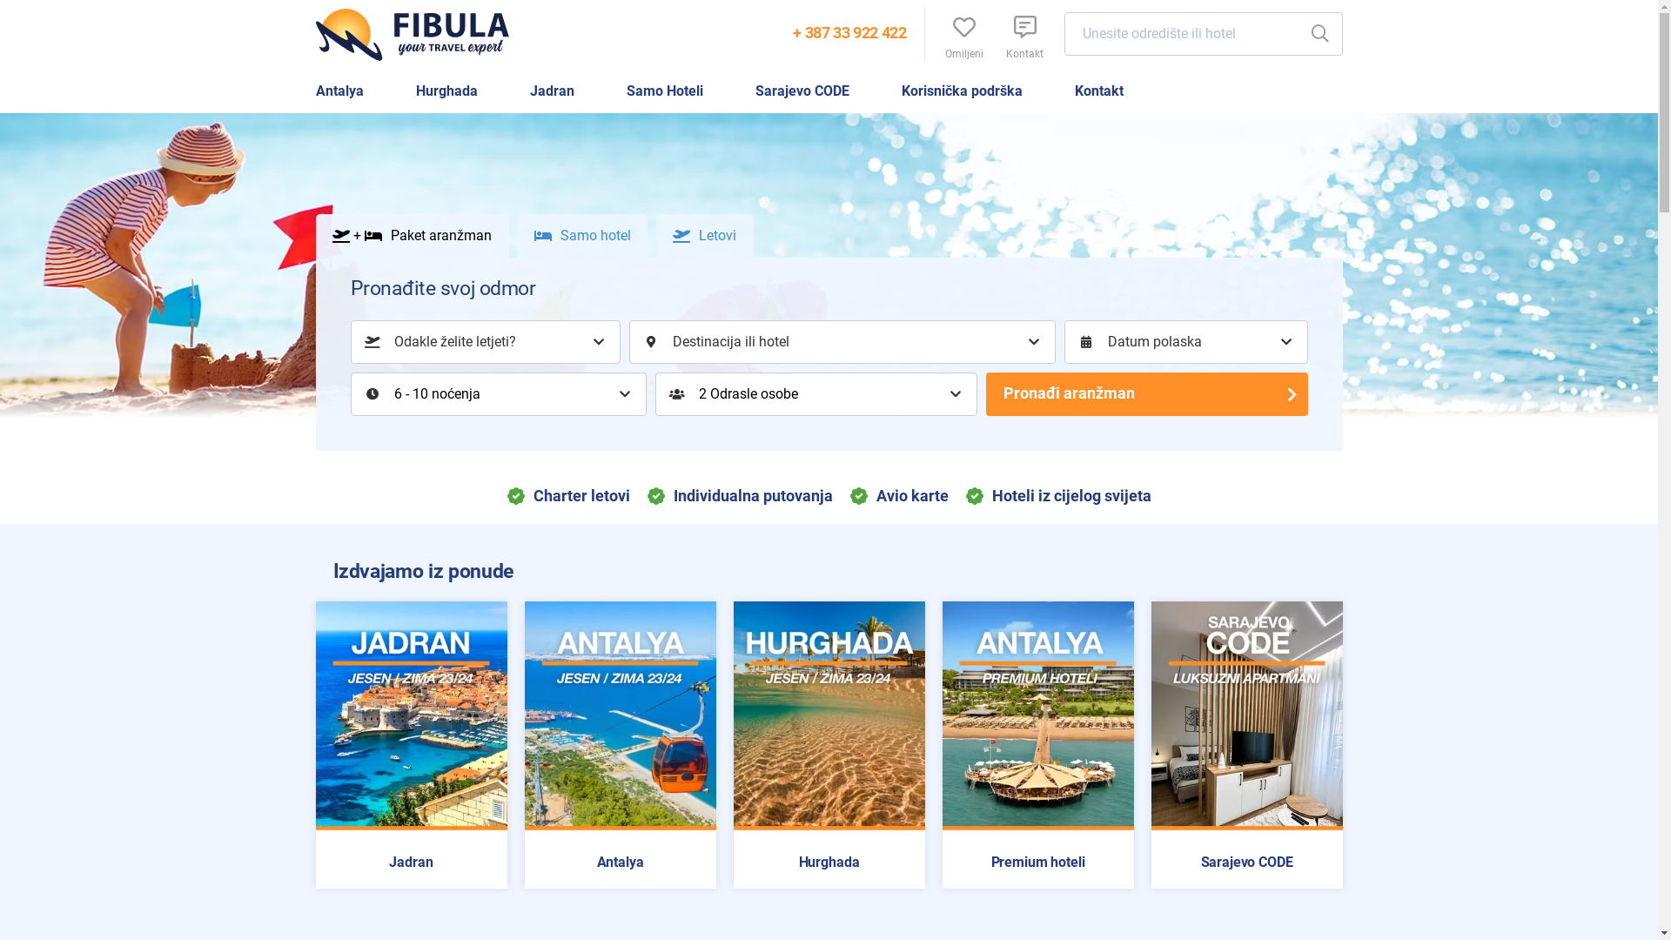 The width and height of the screenshot is (1671, 940). I want to click on 'Antalya', so click(339, 91).